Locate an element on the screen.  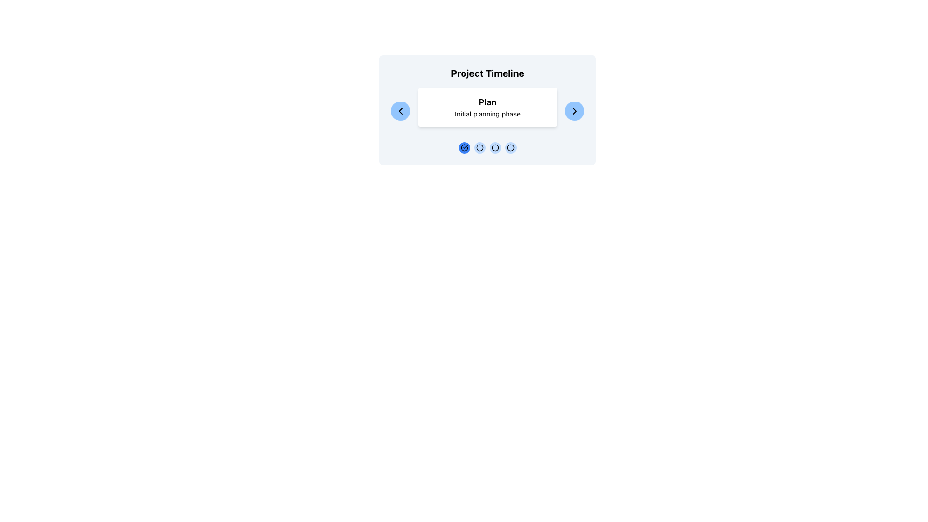
the Chevron icon within the circular button located to the right of the 'Plan - Initial planning phase' content in the 'Project Timeline' section is located at coordinates (575, 111).